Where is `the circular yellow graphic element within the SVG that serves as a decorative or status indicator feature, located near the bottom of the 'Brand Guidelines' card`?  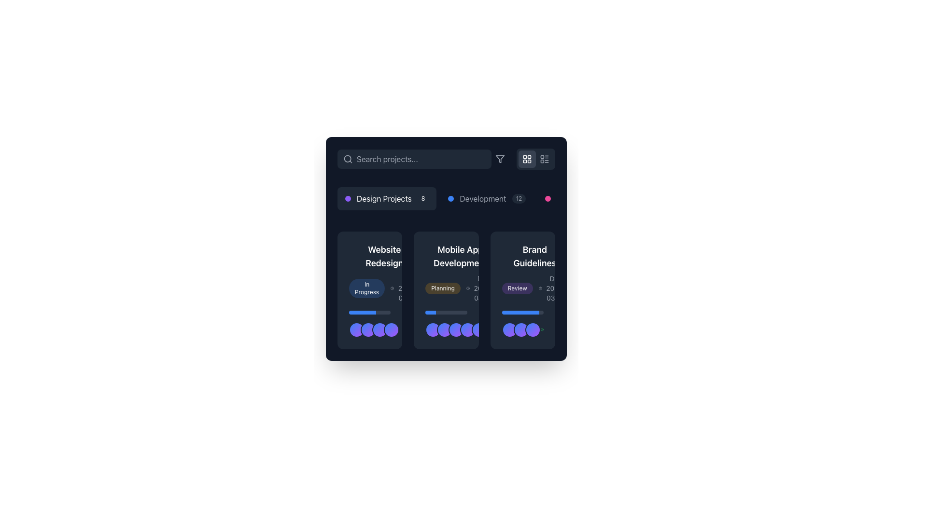 the circular yellow graphic element within the SVG that serves as a decorative or status indicator feature, located near the bottom of the 'Brand Guidelines' card is located at coordinates (504, 330).